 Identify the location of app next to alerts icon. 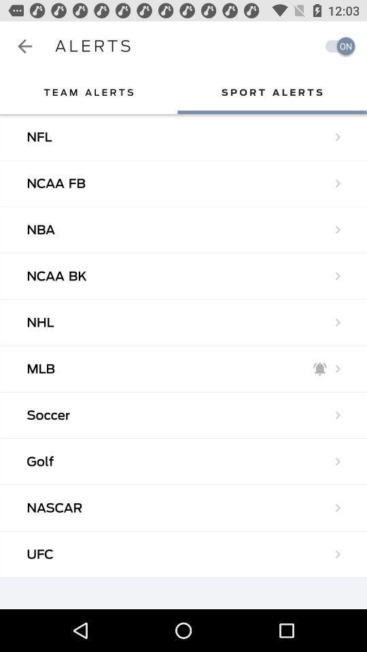
(24, 46).